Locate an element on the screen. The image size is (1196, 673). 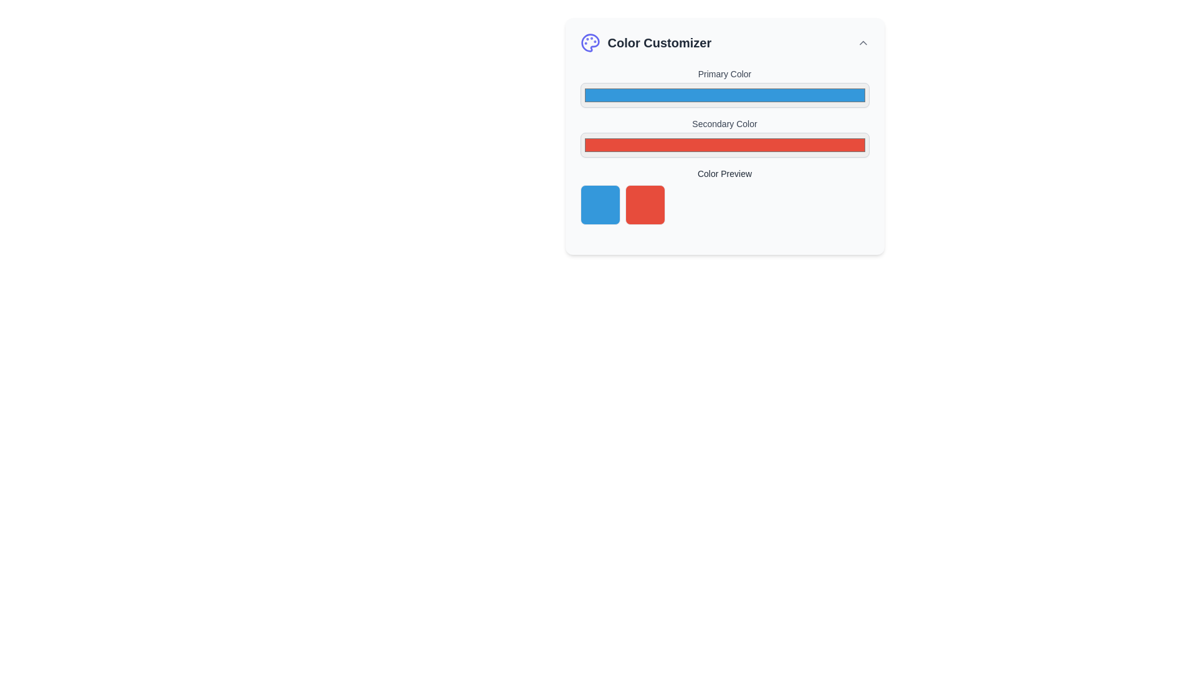
the Interactive icon on the far right is located at coordinates (862, 42).